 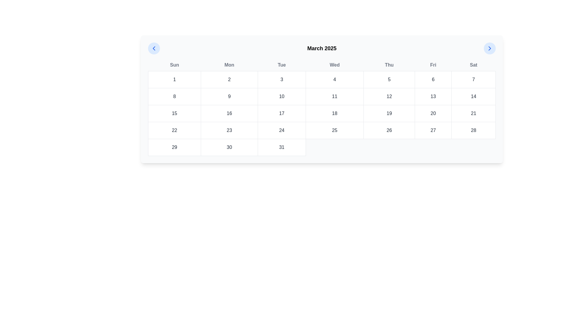 What do you see at coordinates (281, 79) in the screenshot?
I see `the button representing the number '3' in the calendar interface` at bounding box center [281, 79].